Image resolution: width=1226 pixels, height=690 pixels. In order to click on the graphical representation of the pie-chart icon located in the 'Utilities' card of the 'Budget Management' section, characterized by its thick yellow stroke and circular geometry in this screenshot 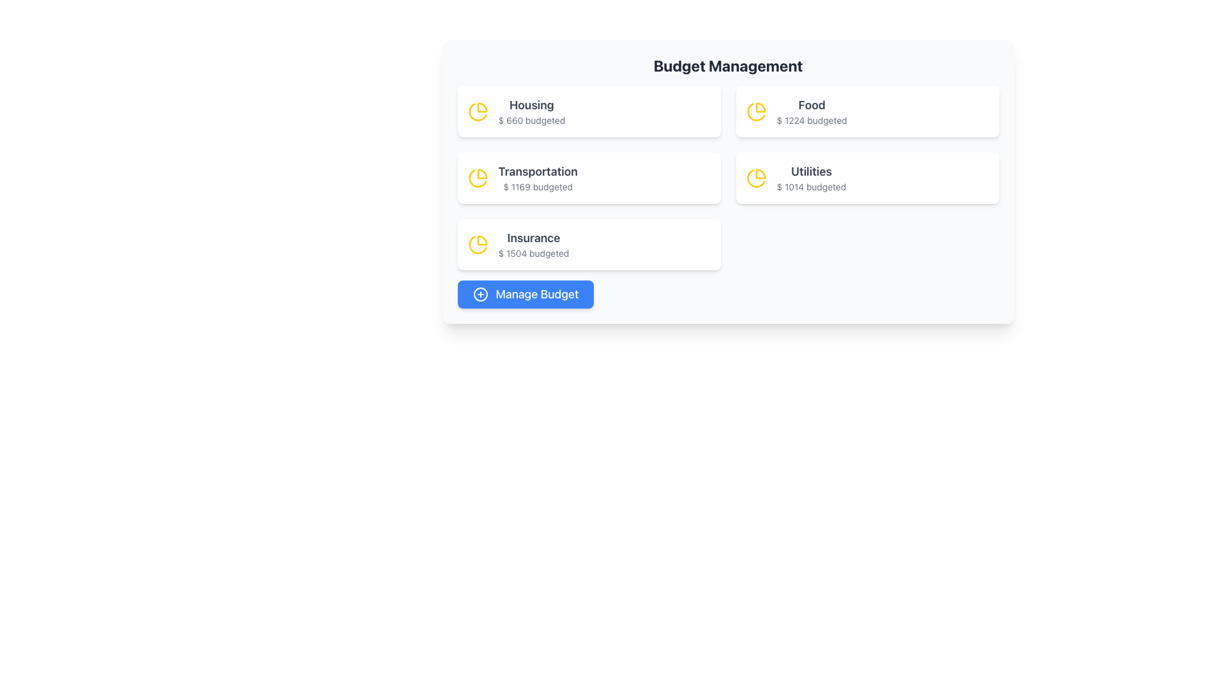, I will do `click(756, 178)`.